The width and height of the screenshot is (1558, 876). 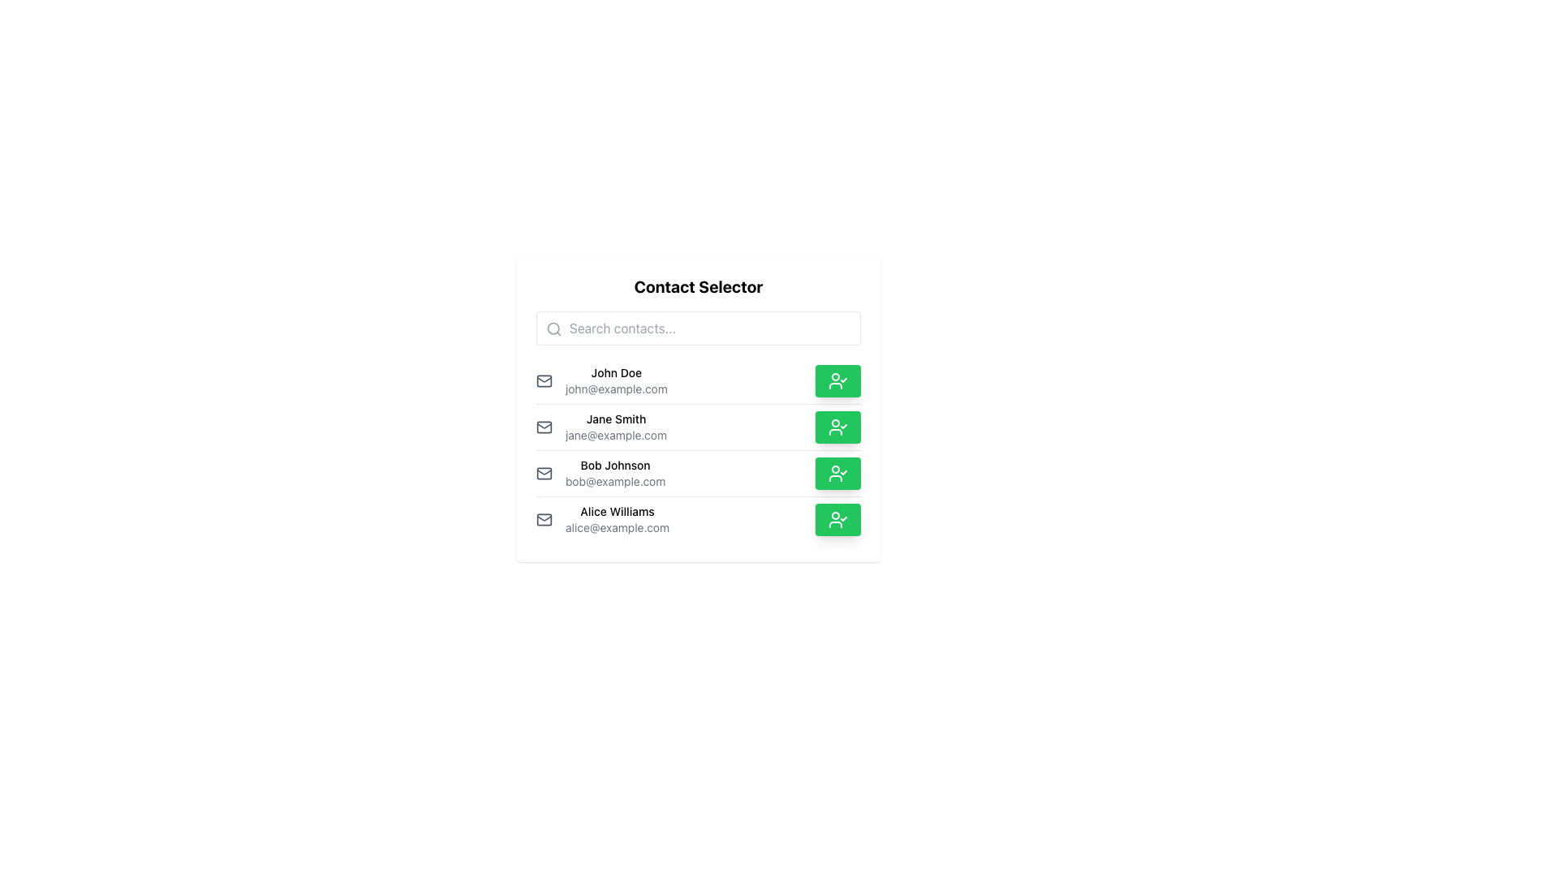 I want to click on the email text 'alice@example.com' displayed in gray color, located below the name 'Alice Williams' in the contact list interface, so click(x=617, y=528).